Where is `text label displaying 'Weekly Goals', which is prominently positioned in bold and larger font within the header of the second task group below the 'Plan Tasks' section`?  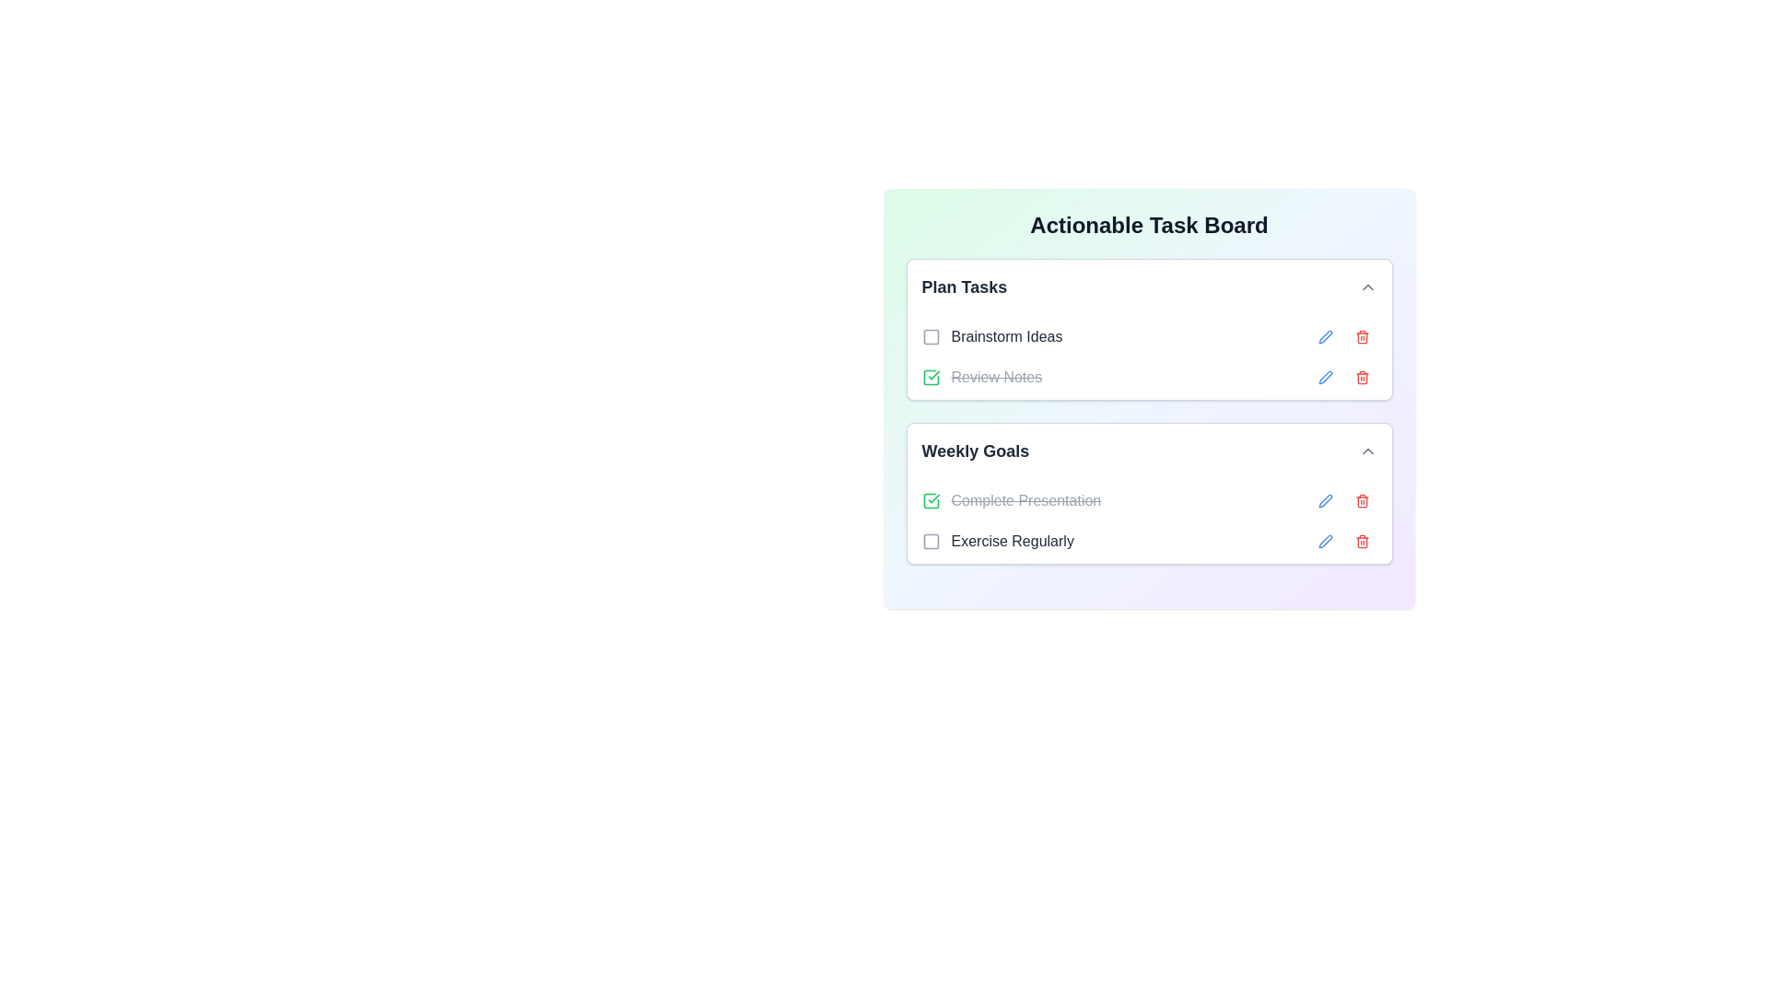
text label displaying 'Weekly Goals', which is prominently positioned in bold and larger font within the header of the second task group below the 'Plan Tasks' section is located at coordinates (974, 451).